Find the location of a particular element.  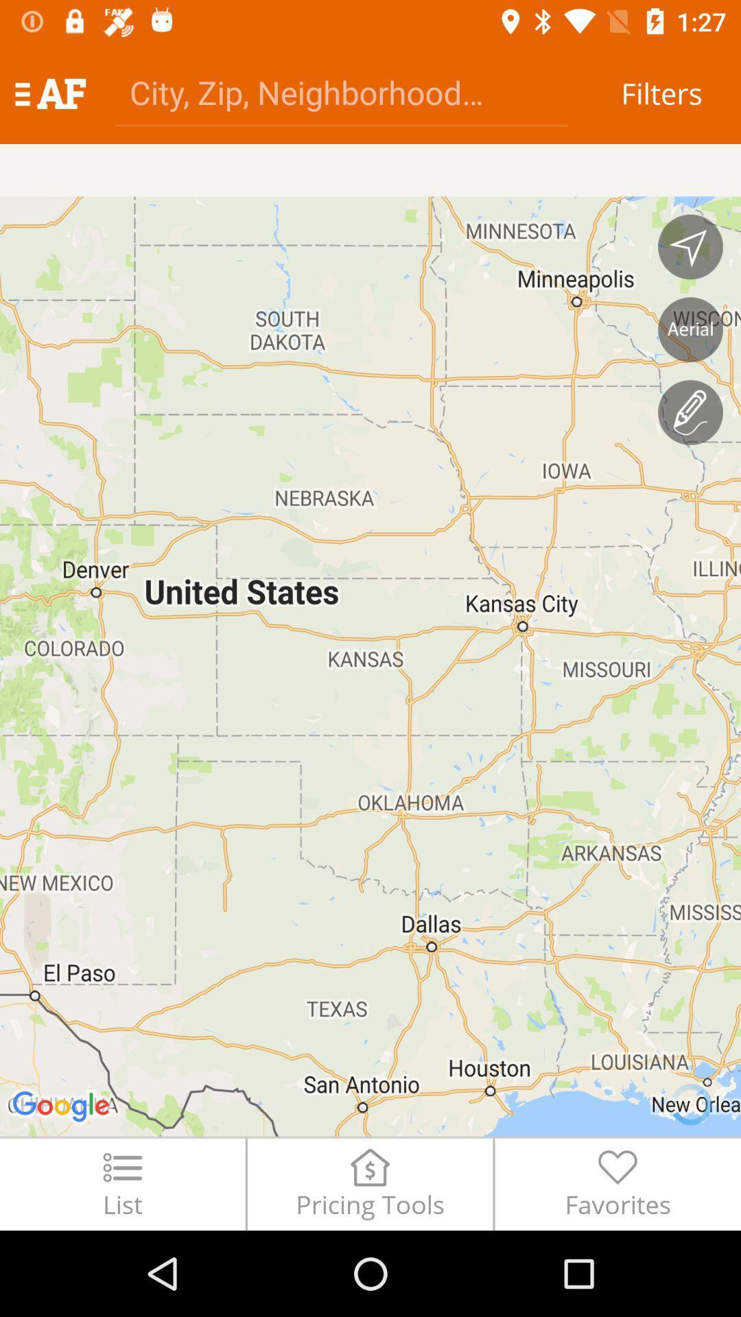

list is located at coordinates (121, 1183).